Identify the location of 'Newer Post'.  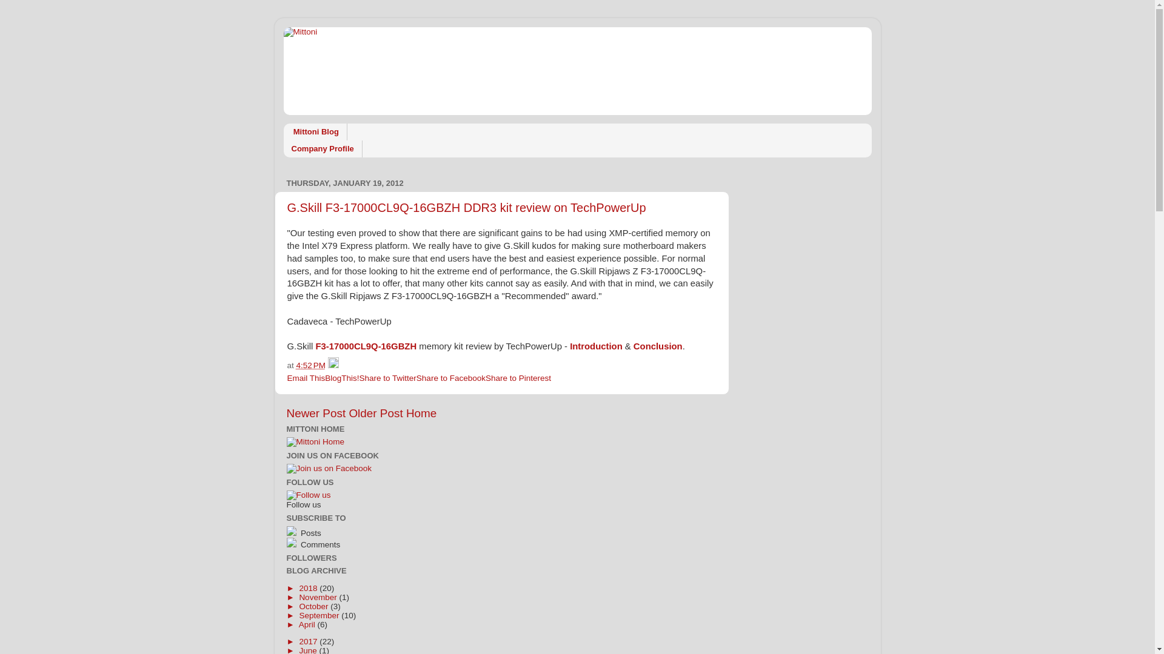
(316, 412).